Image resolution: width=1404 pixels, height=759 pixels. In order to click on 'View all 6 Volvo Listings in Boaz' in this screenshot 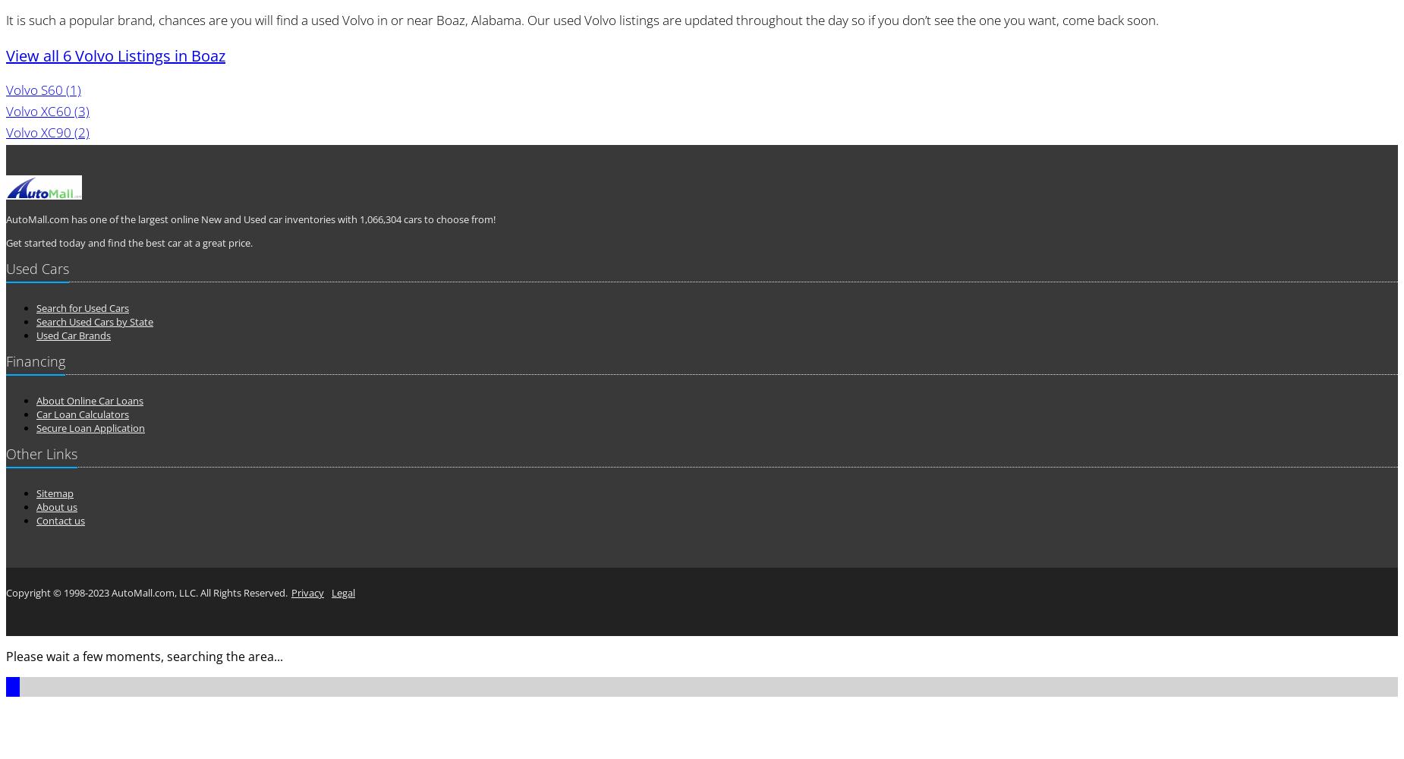, I will do `click(115, 54)`.